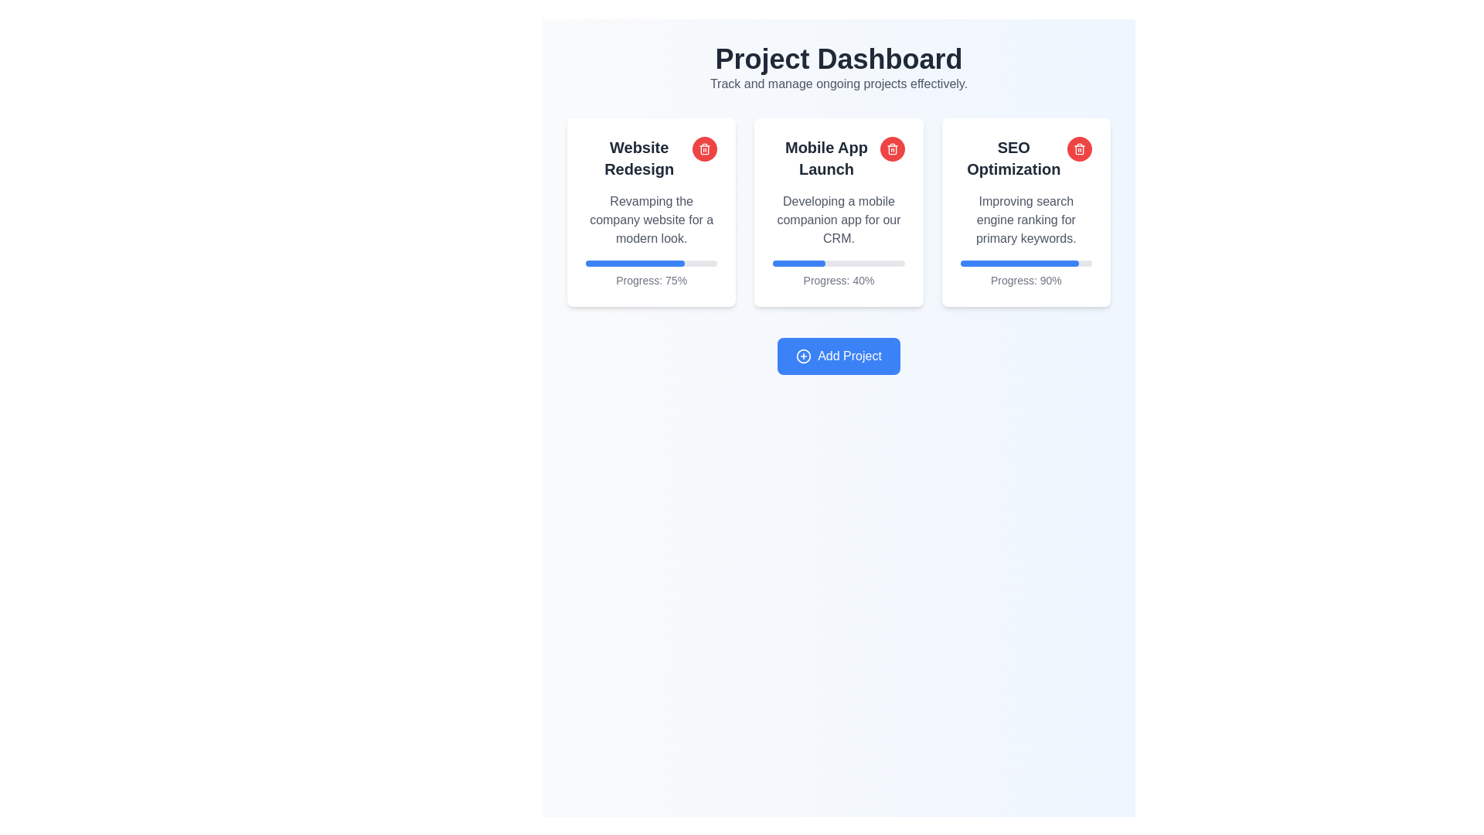 The width and height of the screenshot is (1484, 835). What do you see at coordinates (1078, 148) in the screenshot?
I see `the trash bin icon with a red circular background located in the top-right corner of the 'SEO Optimization' card to initiate the delete action` at bounding box center [1078, 148].